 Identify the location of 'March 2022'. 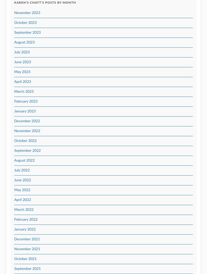
(24, 210).